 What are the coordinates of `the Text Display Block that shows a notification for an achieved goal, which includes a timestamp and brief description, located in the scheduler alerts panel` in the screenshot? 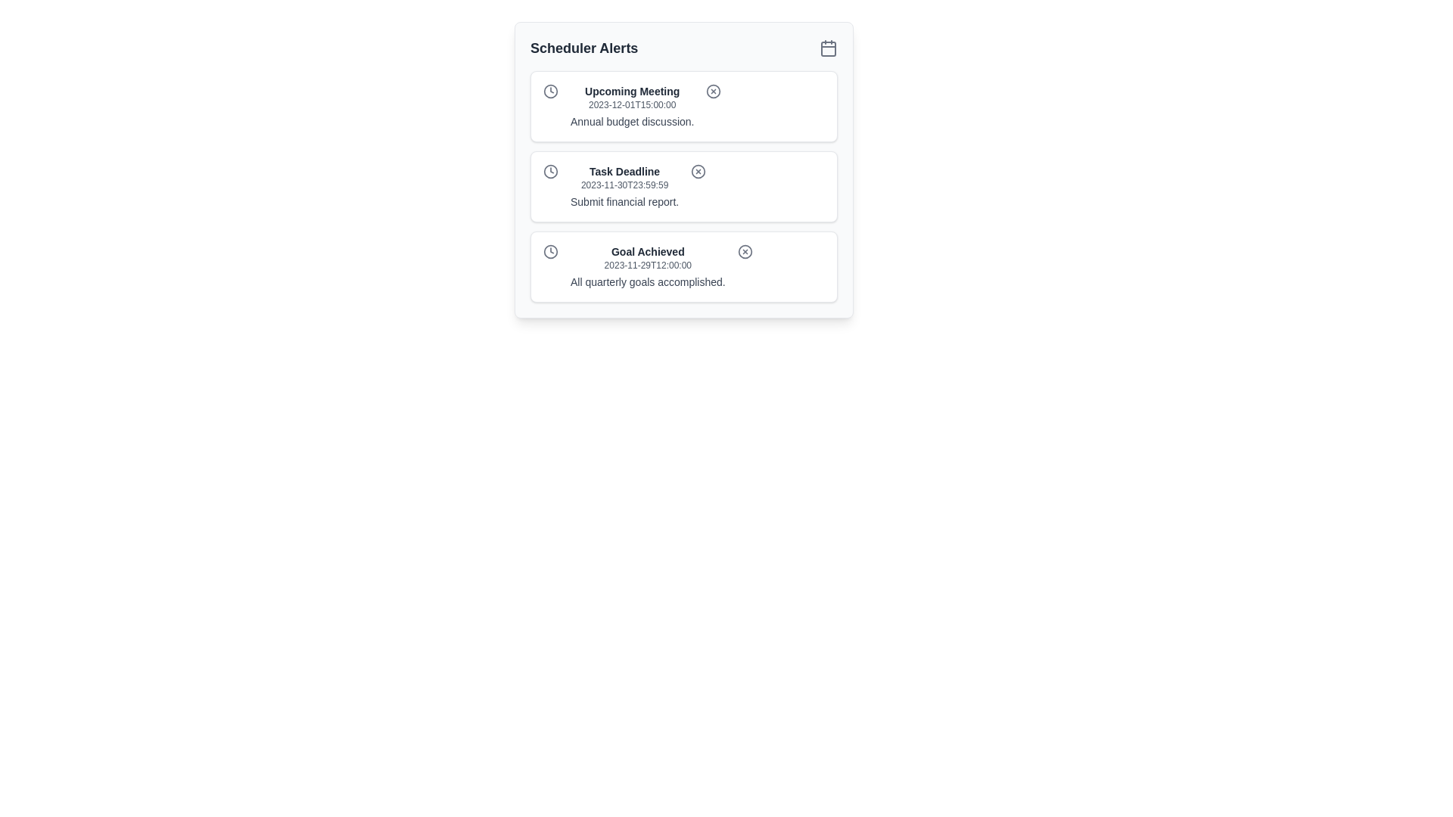 It's located at (648, 266).